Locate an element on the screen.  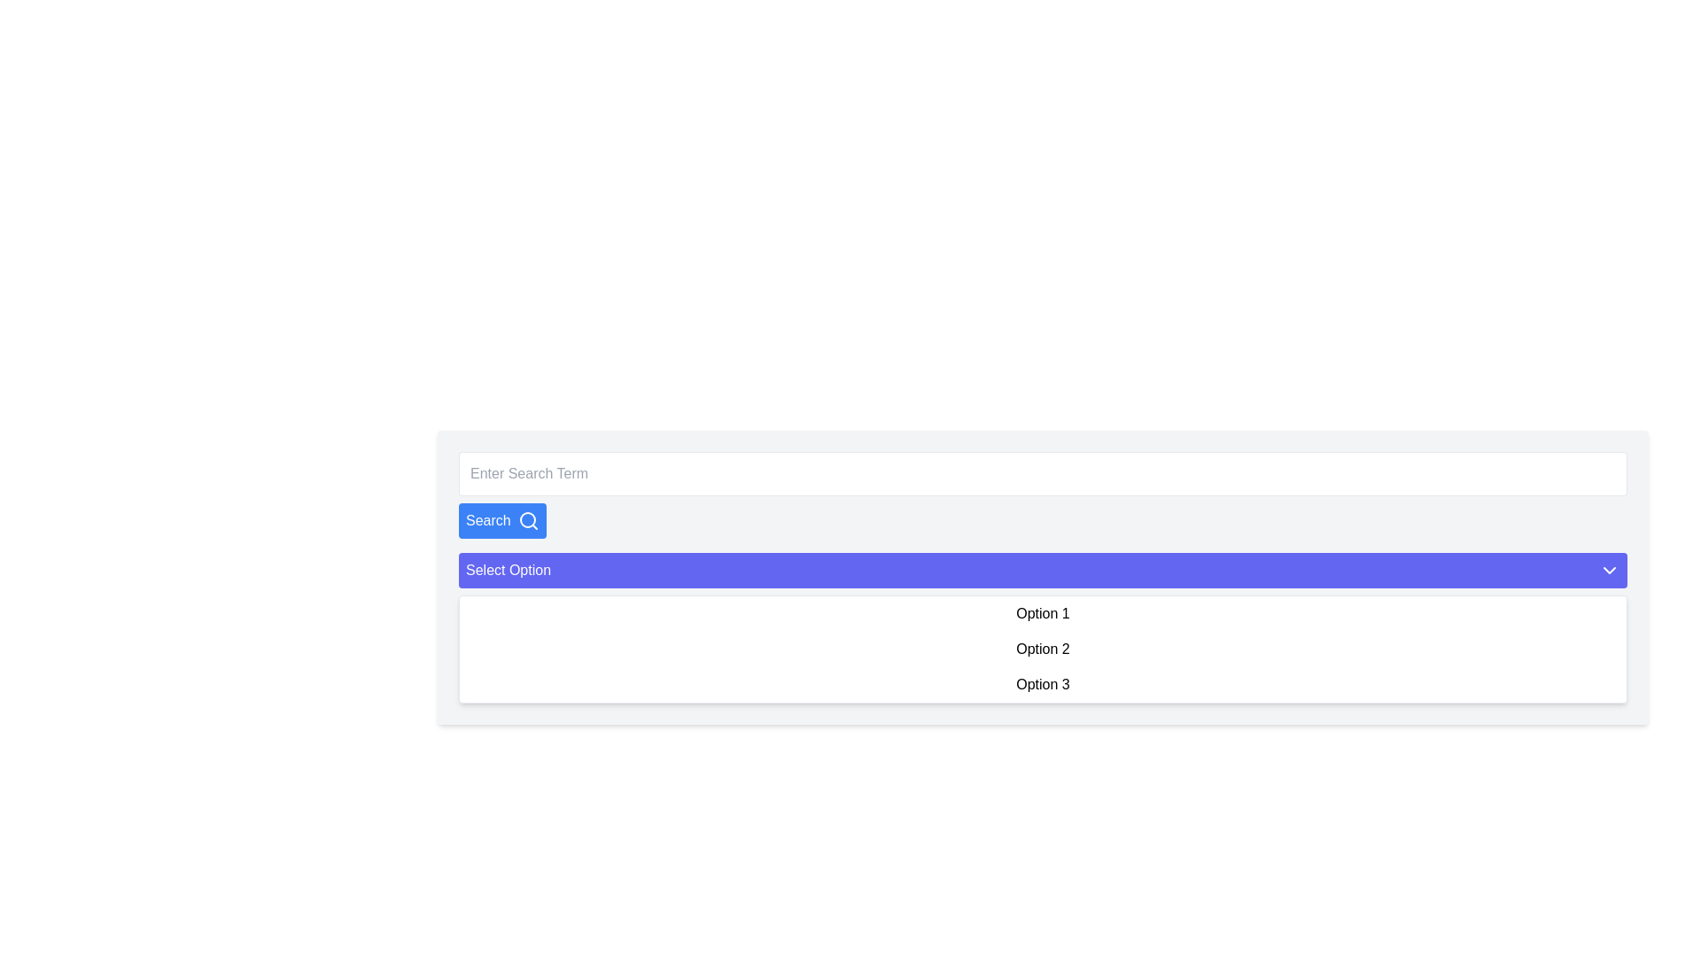
the circular part of the magnifying glass icon, which visually represents the 'Search' button's purpose, located on the left side of the 'Search' button text is located at coordinates (526, 518).